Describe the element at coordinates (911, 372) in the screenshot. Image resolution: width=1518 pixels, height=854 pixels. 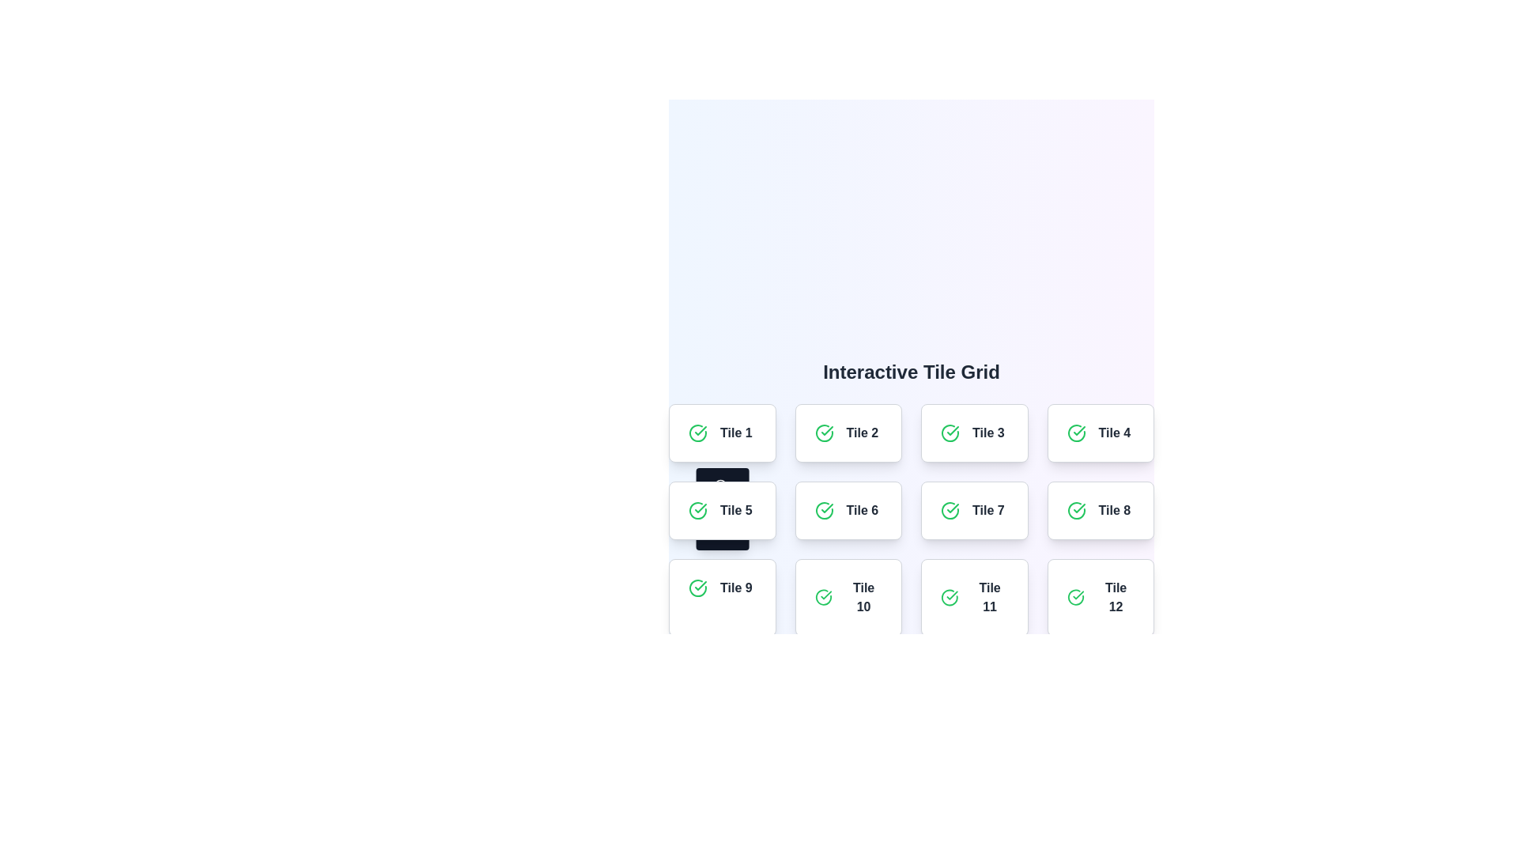
I see `prominent text header labeled 'Interactive Tile Grid' that serves as a title for the grid layout` at that location.